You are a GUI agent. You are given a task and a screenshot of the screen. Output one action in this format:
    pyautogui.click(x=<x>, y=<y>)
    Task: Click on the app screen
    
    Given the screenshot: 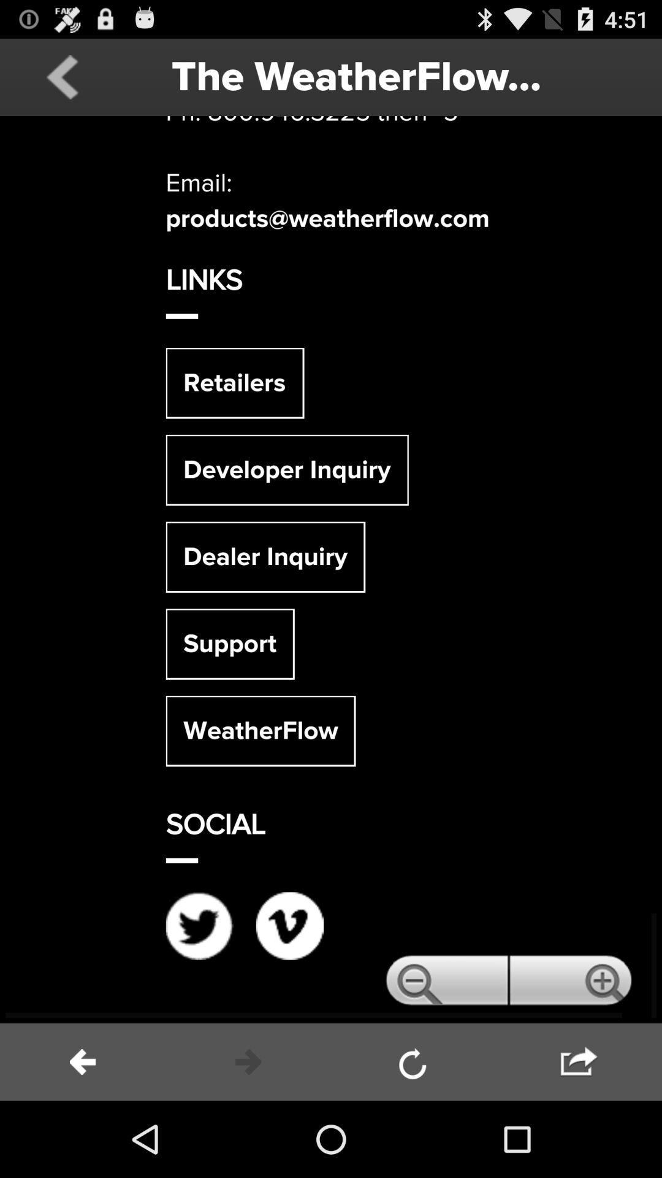 What is the action you would take?
    pyautogui.click(x=331, y=569)
    